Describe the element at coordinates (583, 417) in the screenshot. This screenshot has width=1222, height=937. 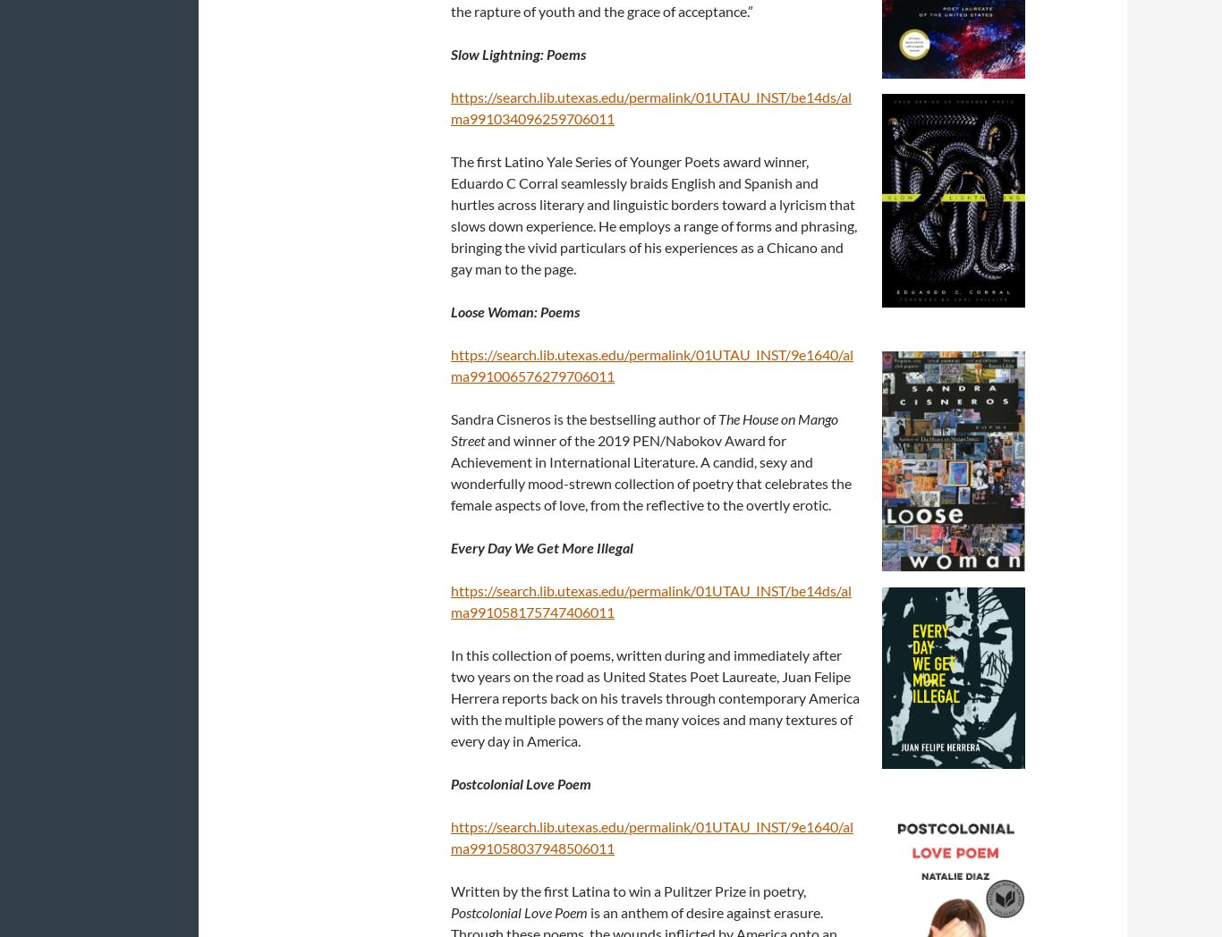
I see `'Sandra Cisneros is the bestselling author of'` at that location.